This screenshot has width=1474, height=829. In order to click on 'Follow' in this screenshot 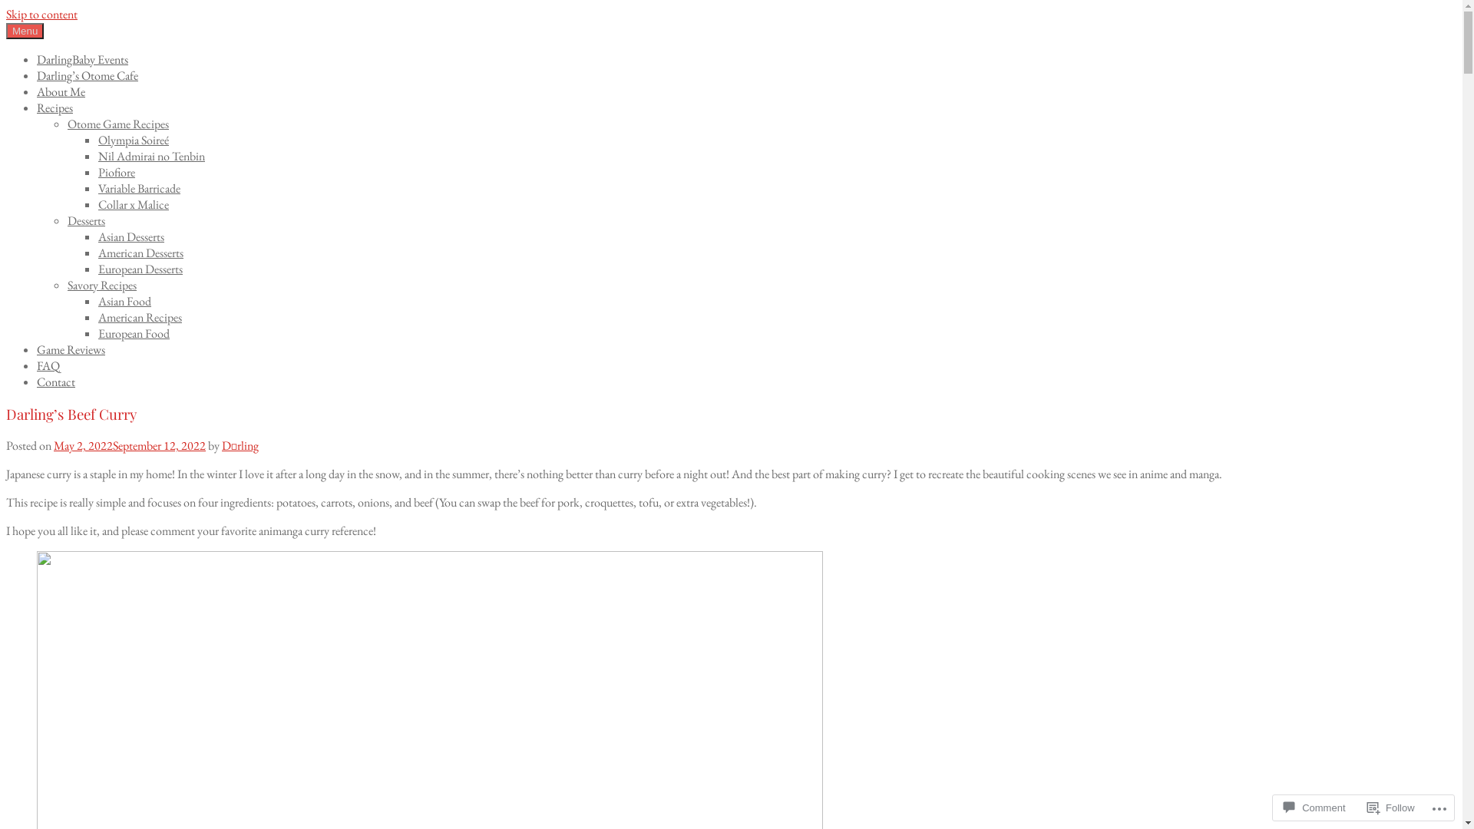, I will do `click(1360, 807)`.